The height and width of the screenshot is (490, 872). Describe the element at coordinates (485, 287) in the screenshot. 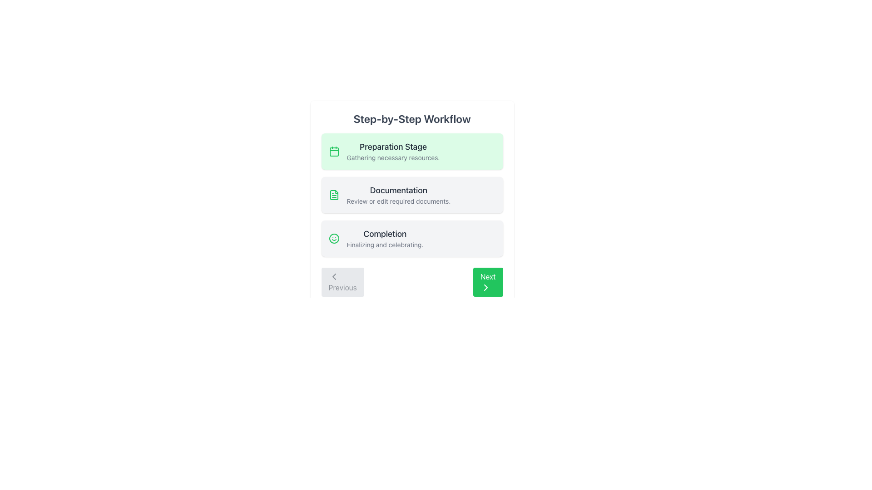

I see `the forward-pointing chevron arrow icon within the green 'Next' button at the bottom-right corner of the interface to interact with the button functionality` at that location.